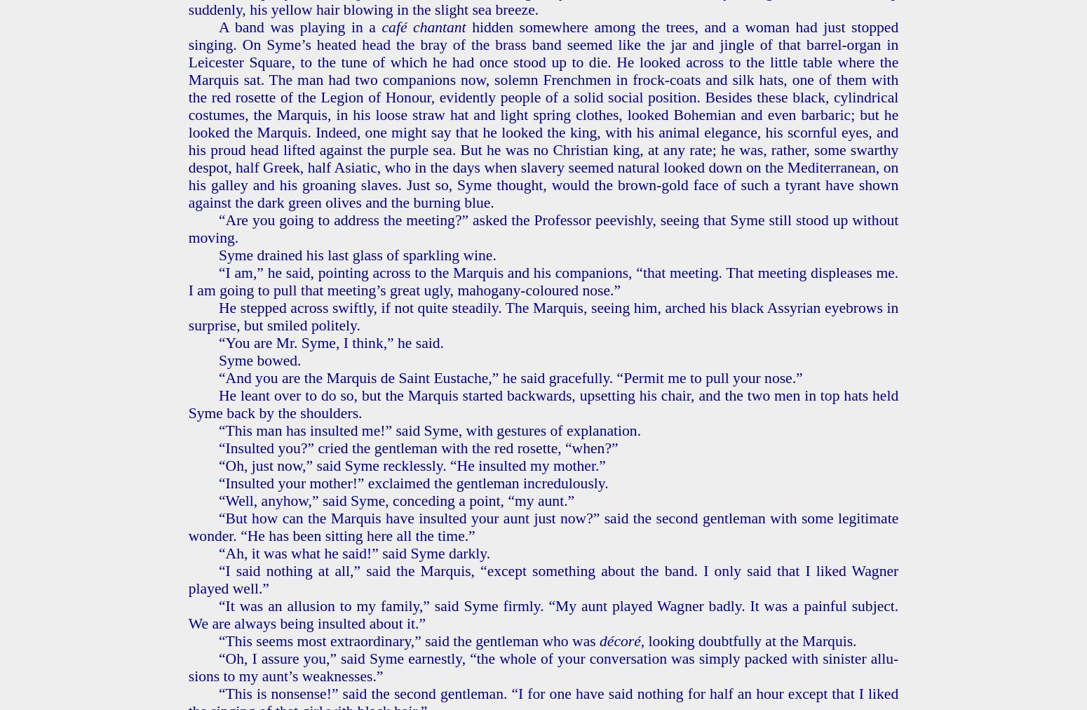 The height and width of the screenshot is (710, 1087). I want to click on '“This man has in­sult­ed me!” said Syme, with ges­tures of ex­pla­na­tion.', so click(429, 429).